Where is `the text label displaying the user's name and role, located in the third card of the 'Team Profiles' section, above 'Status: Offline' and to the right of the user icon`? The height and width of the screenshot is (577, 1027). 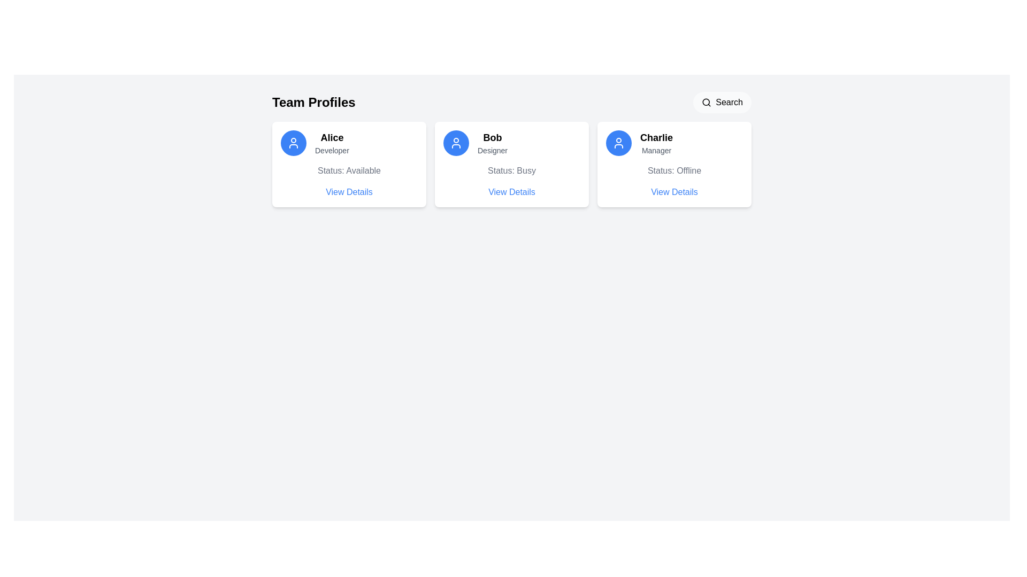 the text label displaying the user's name and role, located in the third card of the 'Team Profiles' section, above 'Status: Offline' and to the right of the user icon is located at coordinates (656, 142).